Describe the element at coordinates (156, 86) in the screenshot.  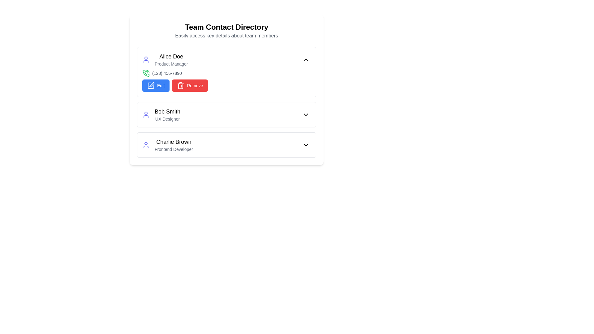
I see `the edit button located beneath the user information for 'Alice Doe'` at that location.